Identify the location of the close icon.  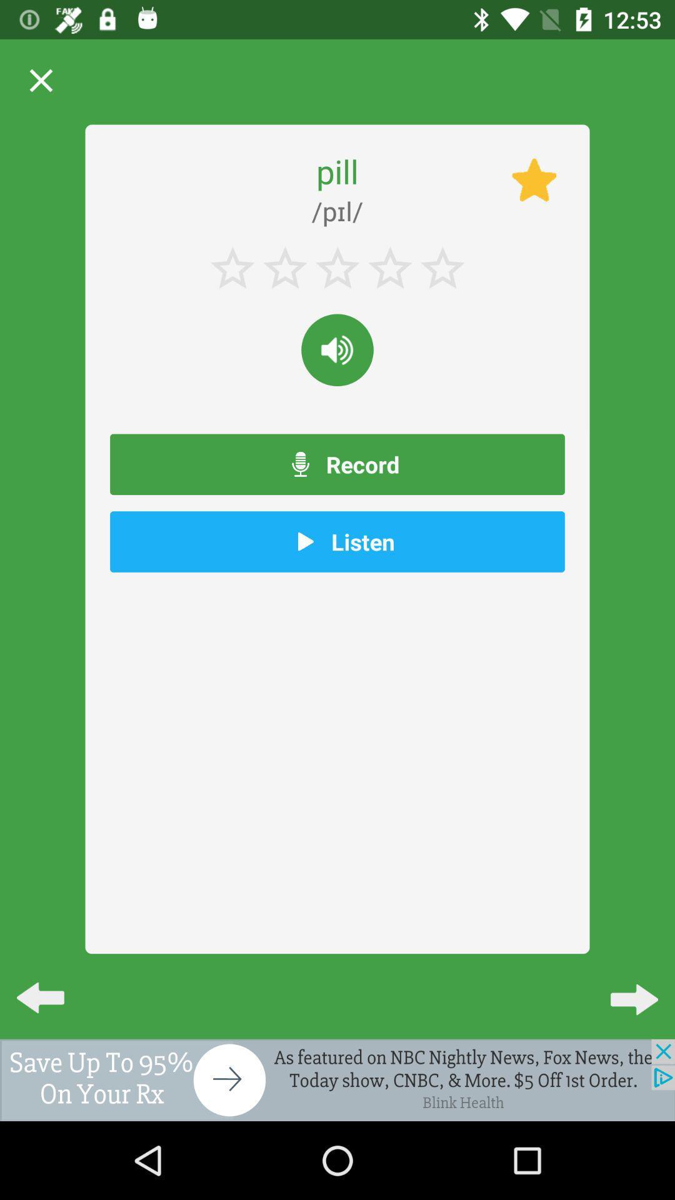
(40, 80).